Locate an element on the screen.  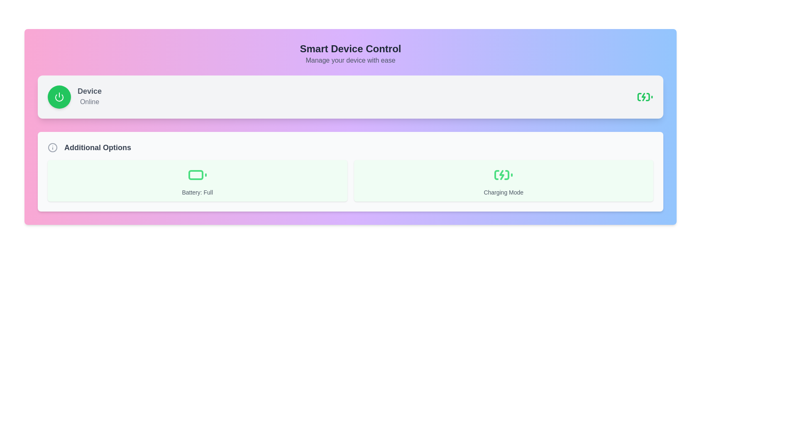
the SVG Icon representing the battery status within the 'Battery: Full' card in the 'Additional Options' section is located at coordinates (197, 174).